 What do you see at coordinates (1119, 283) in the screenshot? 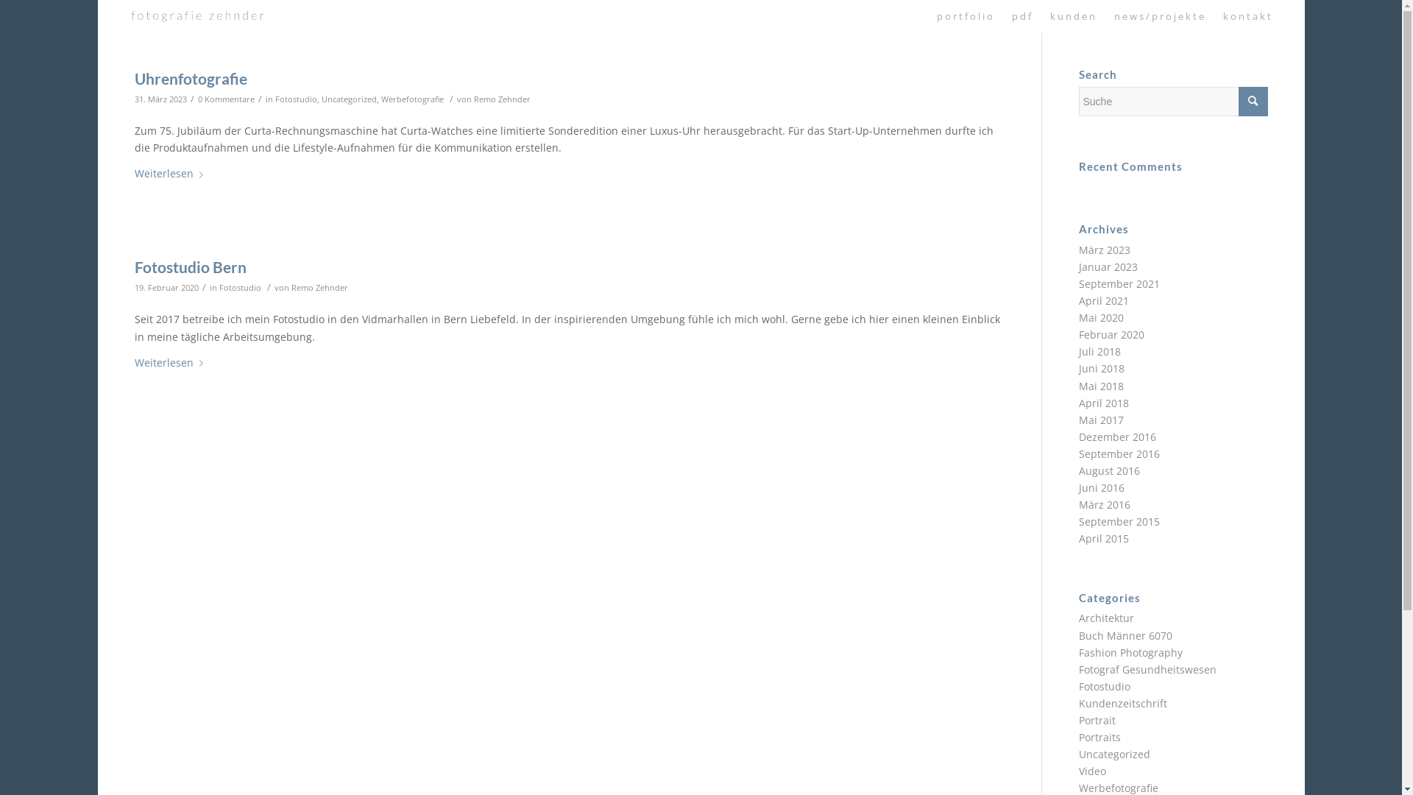
I see `'September 2021'` at bounding box center [1119, 283].